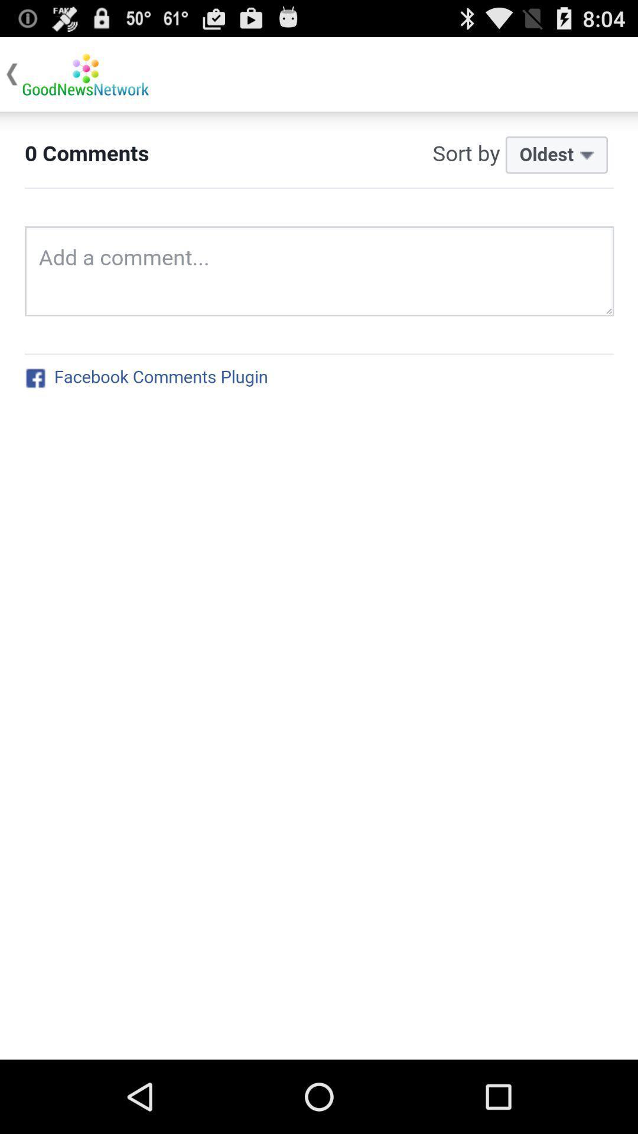  Describe the element at coordinates (319, 585) in the screenshot. I see `text box to enter comment` at that location.